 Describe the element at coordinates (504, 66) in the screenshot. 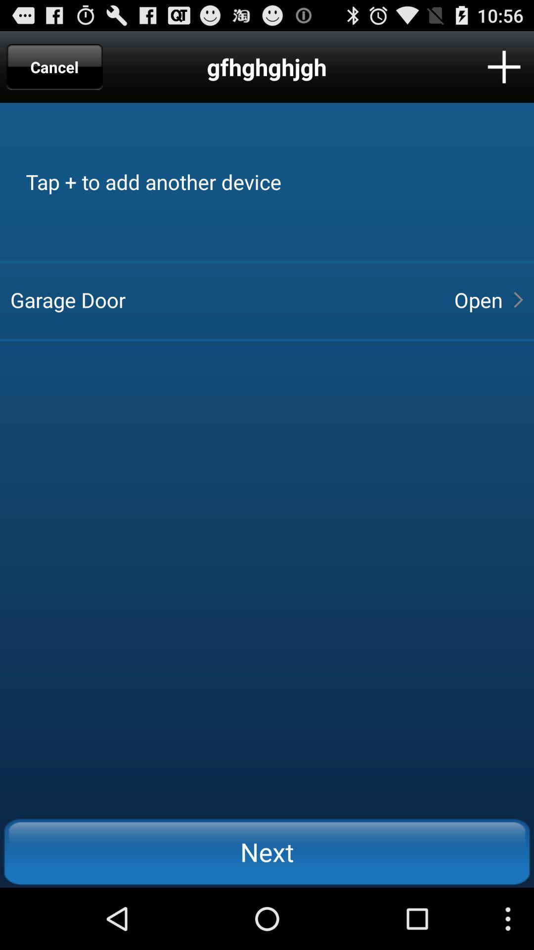

I see `icon next to the gfhghghjgh item` at that location.